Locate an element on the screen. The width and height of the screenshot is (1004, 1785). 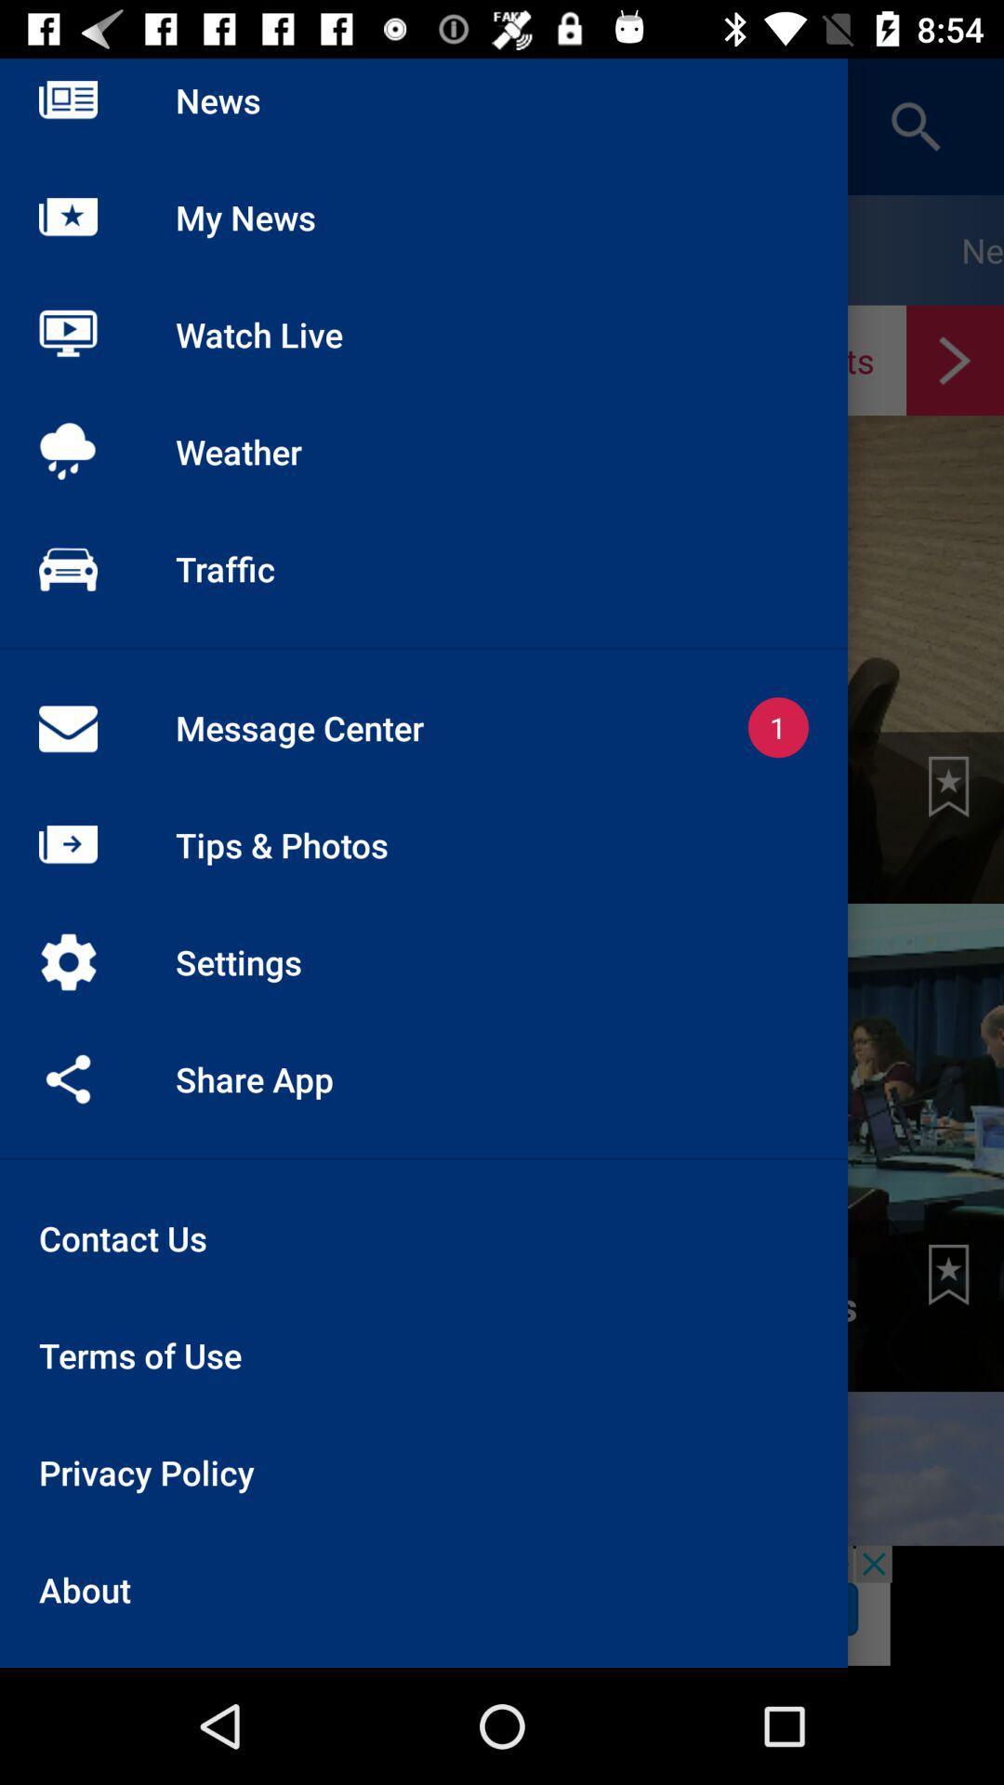
the list icon is located at coordinates (67, 126).